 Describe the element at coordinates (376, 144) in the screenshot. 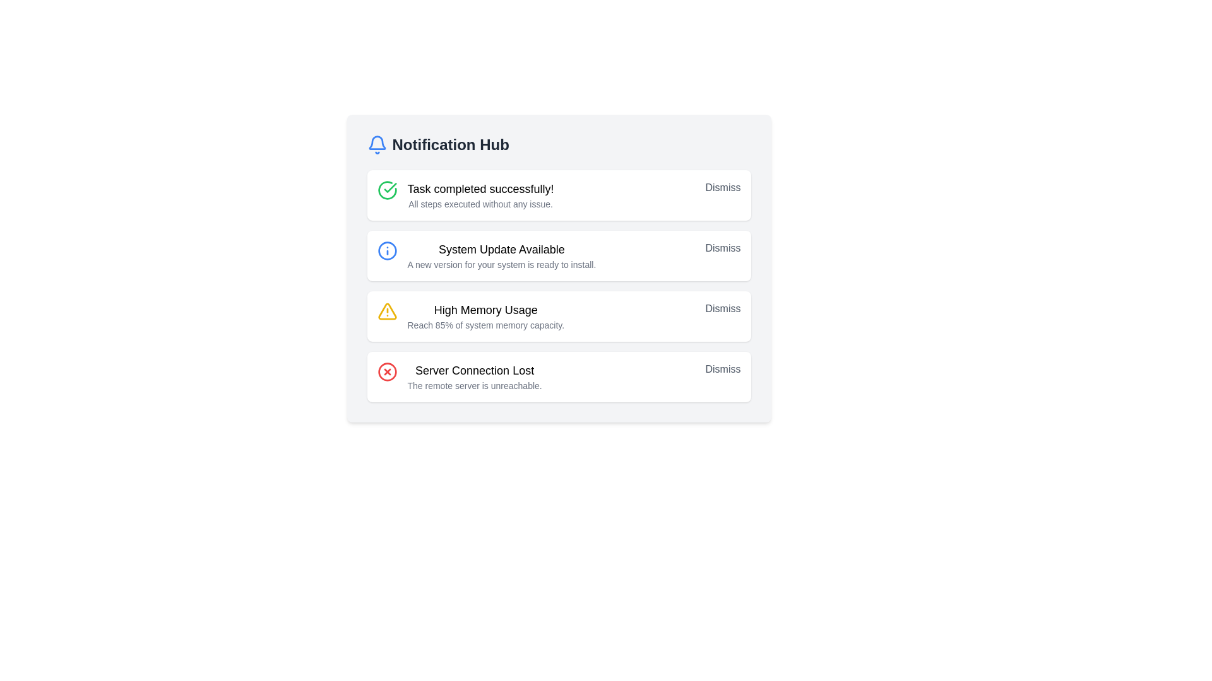

I see `the blue bell icon representing notifications located in the top-left corner of the 'Notification Hub' header section, positioned before the text 'Notification Hub'` at that location.